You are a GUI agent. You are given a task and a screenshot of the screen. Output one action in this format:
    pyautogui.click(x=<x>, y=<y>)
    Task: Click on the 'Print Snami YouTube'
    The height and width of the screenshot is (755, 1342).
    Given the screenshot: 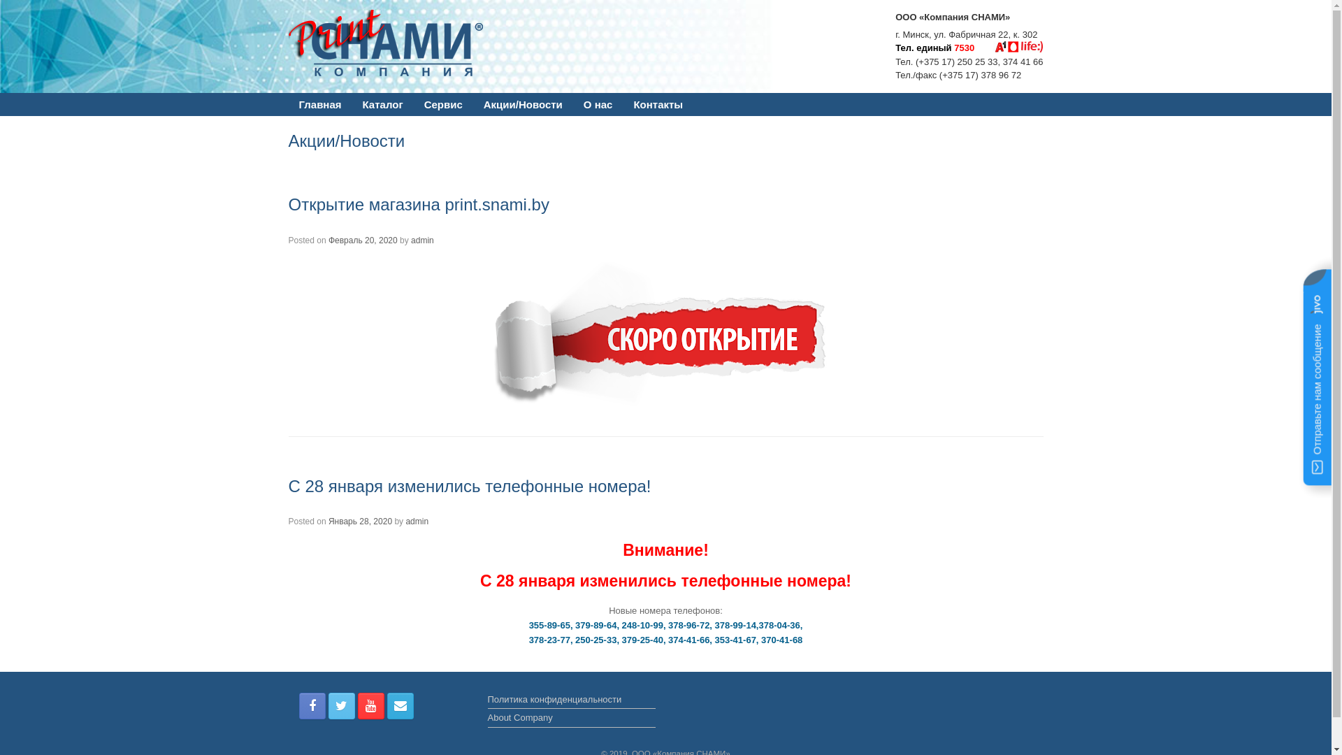 What is the action you would take?
    pyautogui.click(x=371, y=706)
    